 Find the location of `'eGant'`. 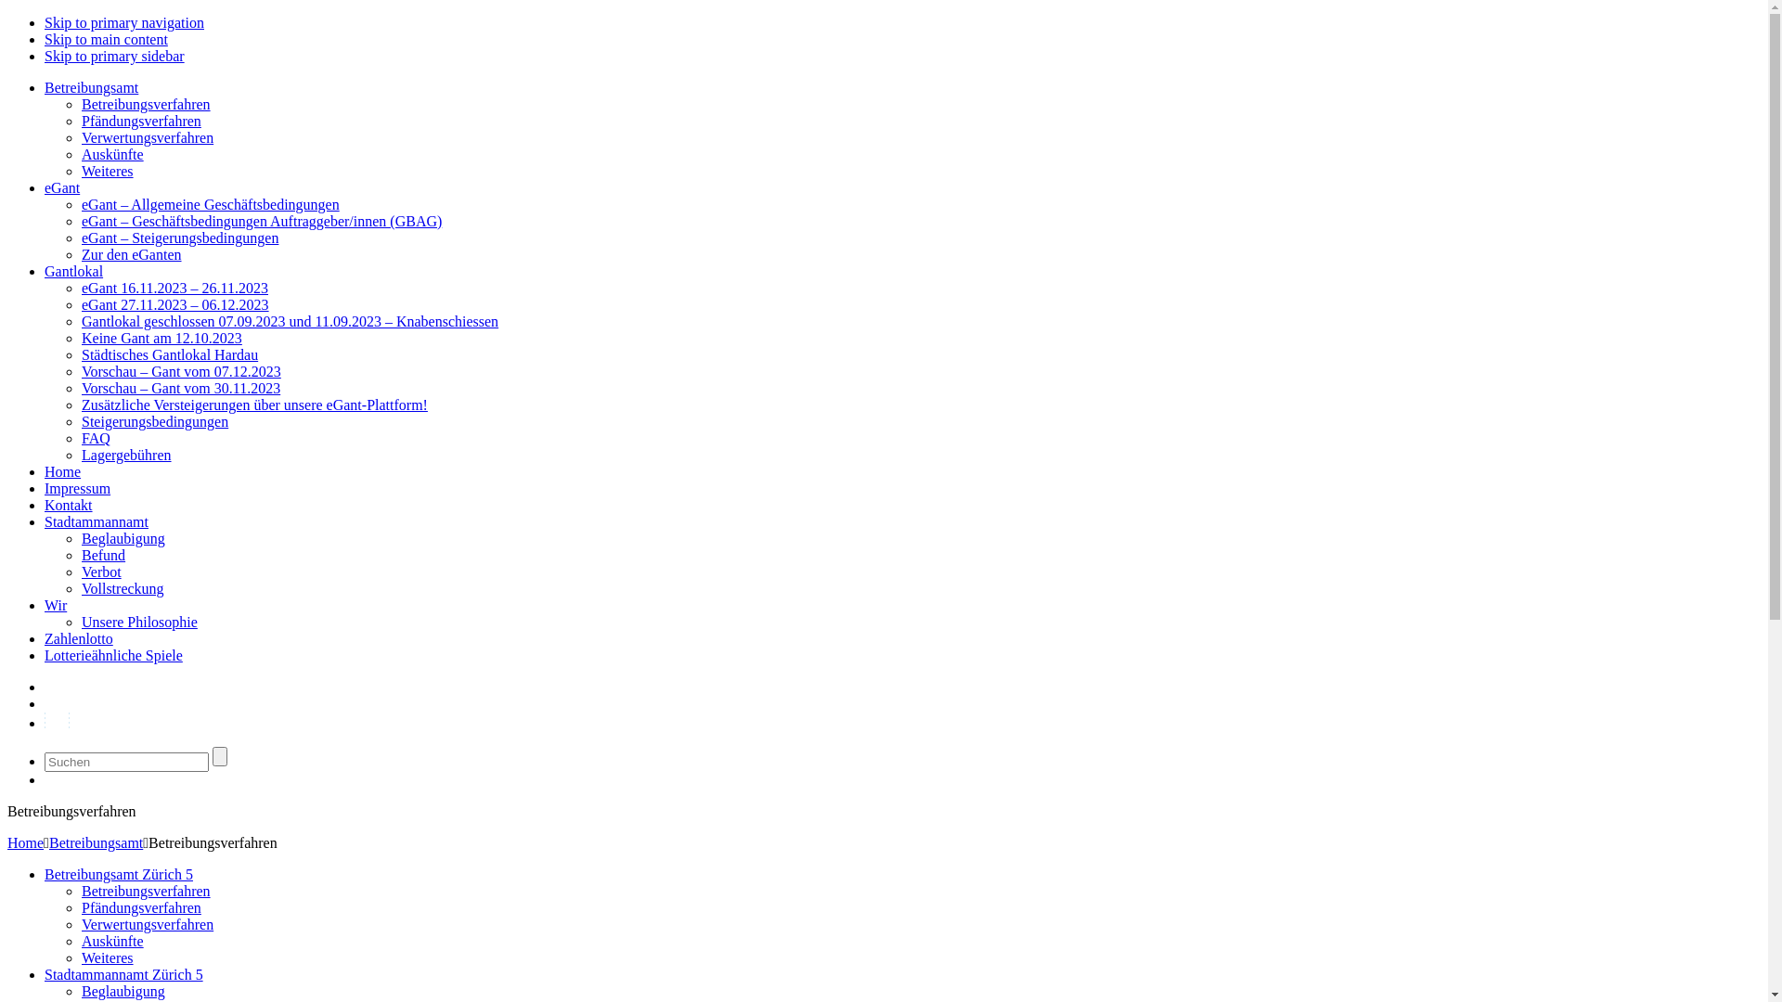

'eGant' is located at coordinates (62, 187).